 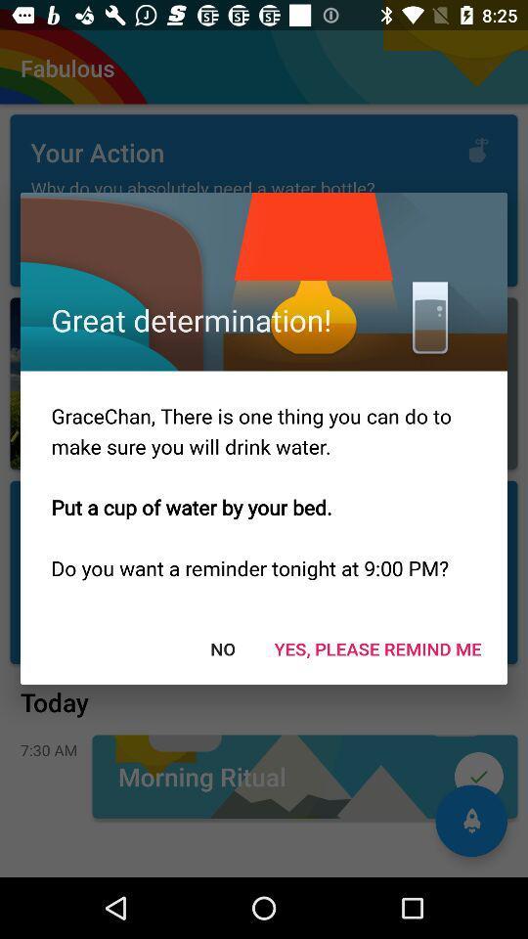 What do you see at coordinates (377, 648) in the screenshot?
I see `item to the right of no` at bounding box center [377, 648].